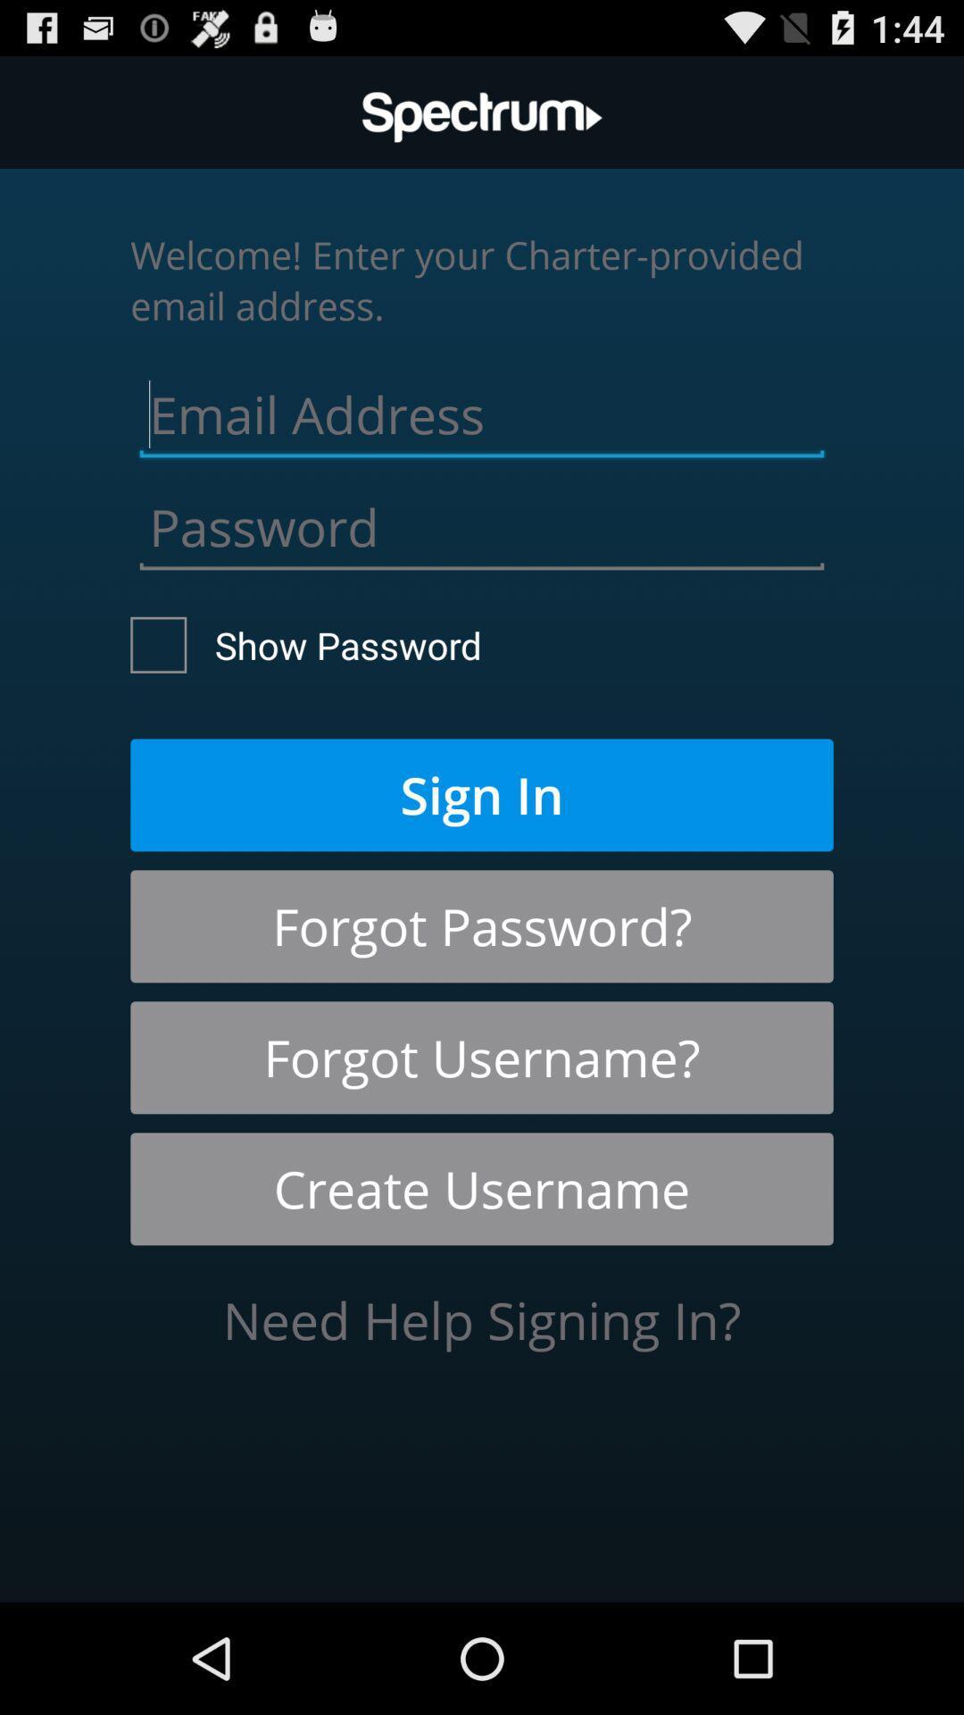 Image resolution: width=964 pixels, height=1715 pixels. What do you see at coordinates (482, 409) in the screenshot?
I see `email address` at bounding box center [482, 409].